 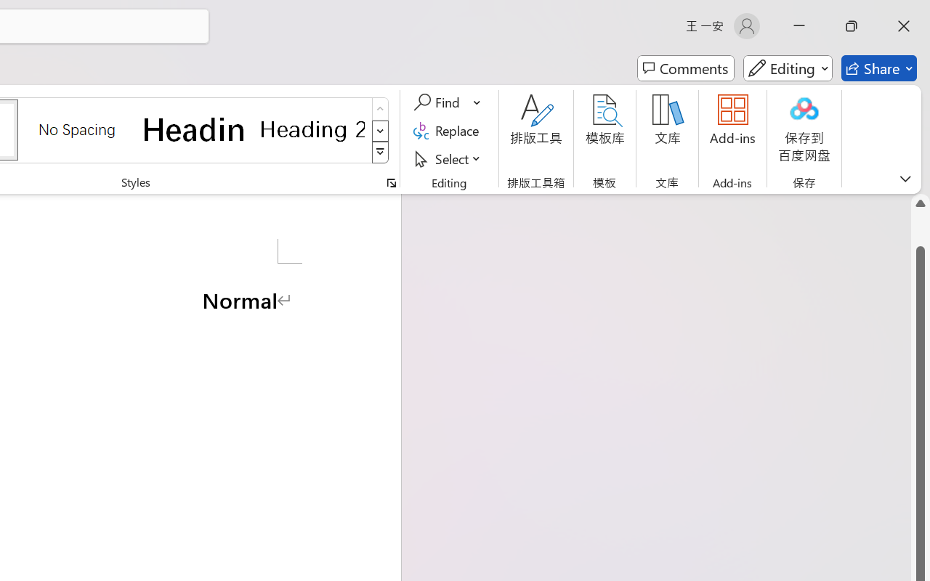 What do you see at coordinates (391, 182) in the screenshot?
I see `'Styles...'` at bounding box center [391, 182].